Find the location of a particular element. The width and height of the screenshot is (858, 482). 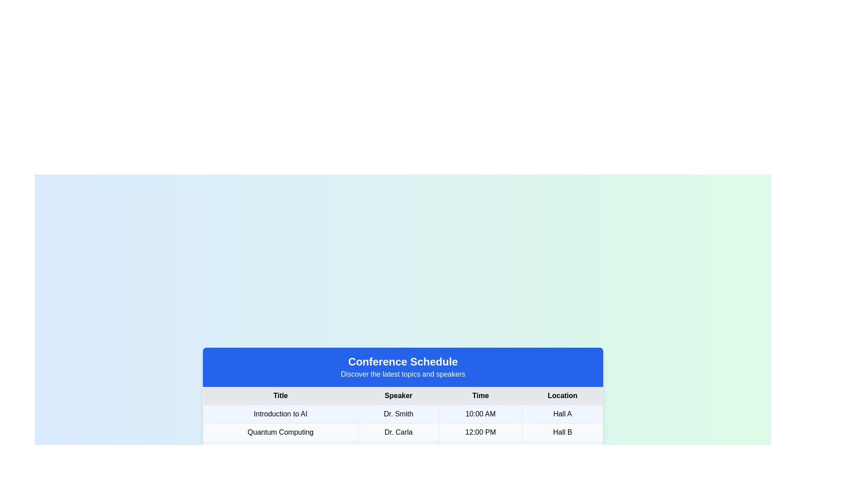

the text label displaying the title of a session in the schedule table, located in the second row and first column under the 'Title' column is located at coordinates (280, 432).